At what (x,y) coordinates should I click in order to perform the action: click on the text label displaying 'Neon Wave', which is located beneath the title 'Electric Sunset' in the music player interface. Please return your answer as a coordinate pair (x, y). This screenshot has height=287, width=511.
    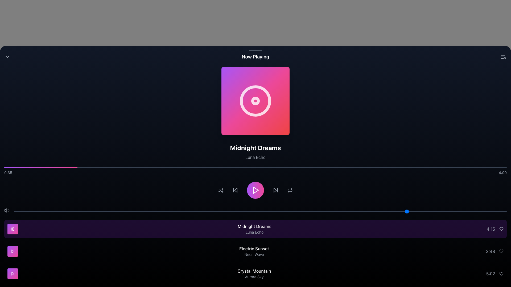
    Looking at the image, I should click on (254, 254).